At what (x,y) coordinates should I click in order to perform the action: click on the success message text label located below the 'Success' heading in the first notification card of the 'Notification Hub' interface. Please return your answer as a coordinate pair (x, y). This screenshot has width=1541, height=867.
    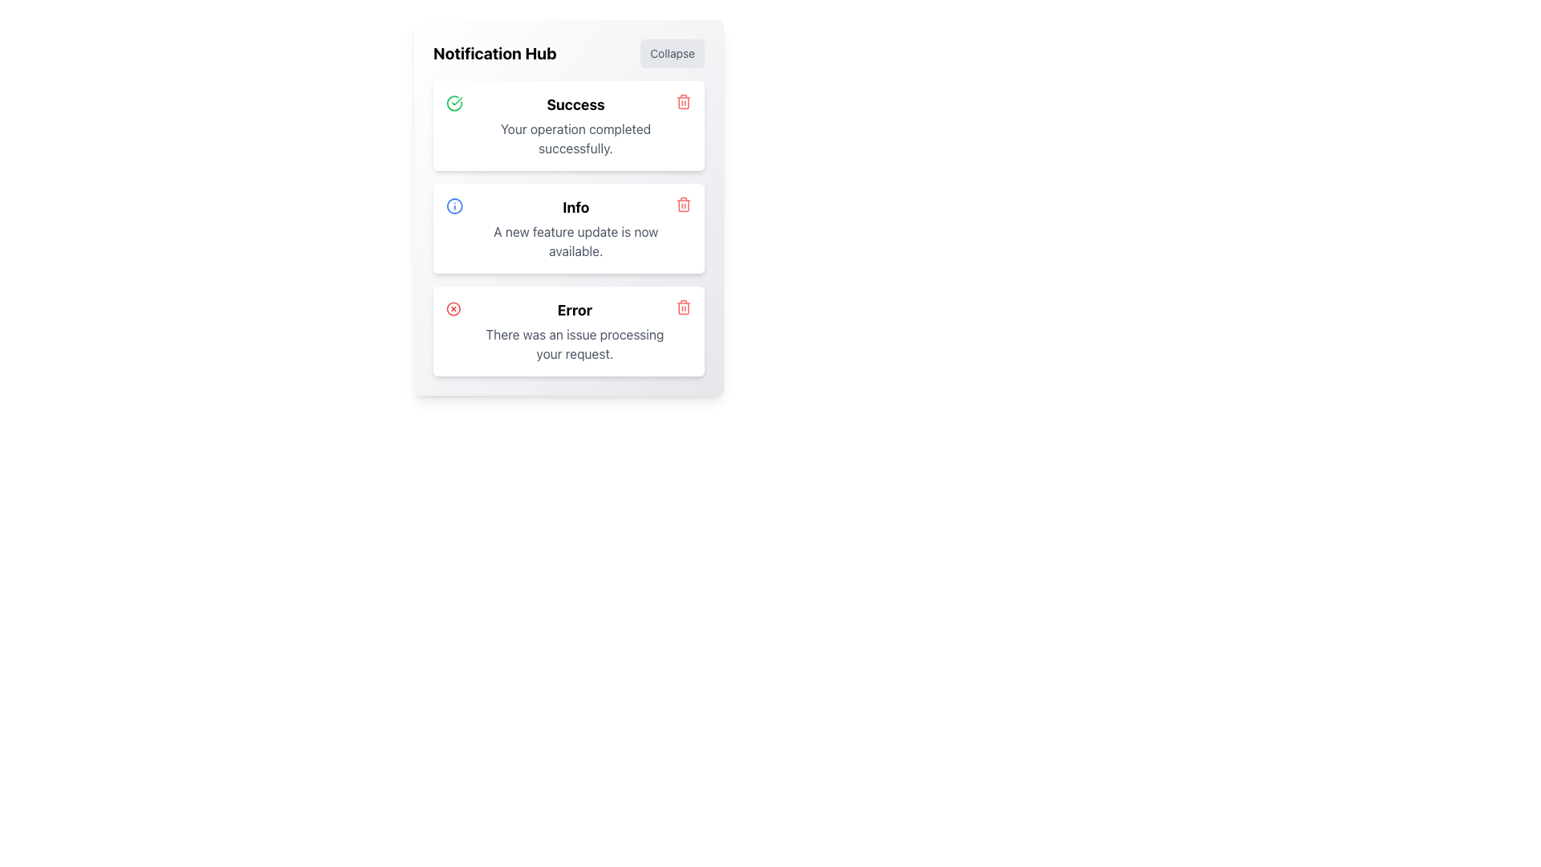
    Looking at the image, I should click on (575, 138).